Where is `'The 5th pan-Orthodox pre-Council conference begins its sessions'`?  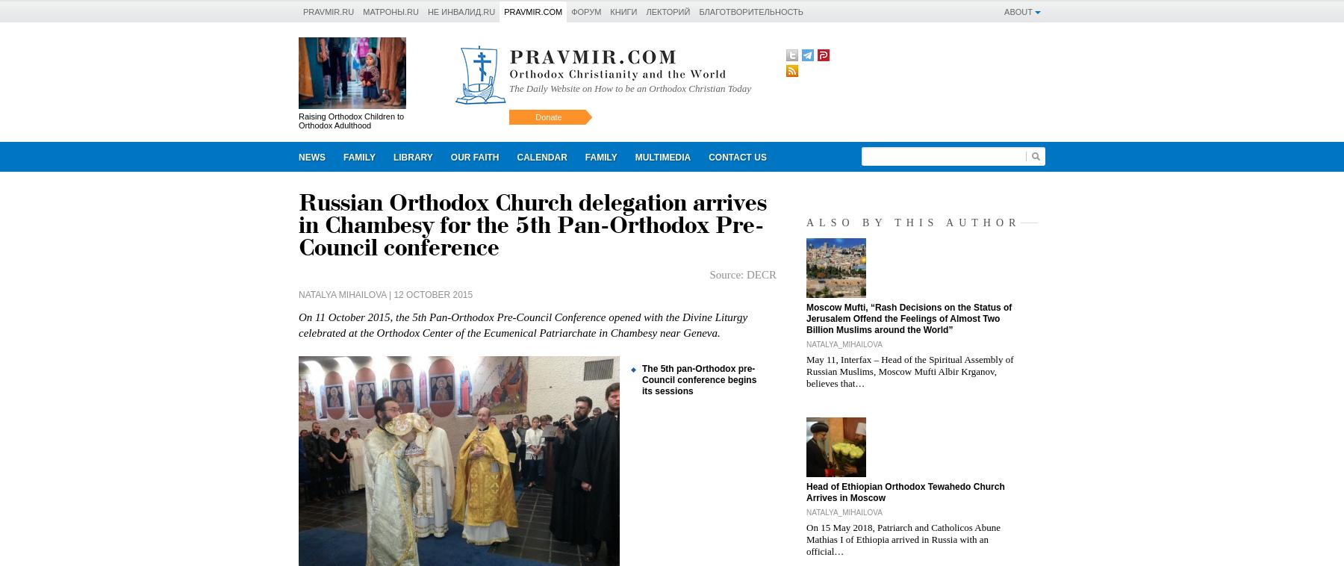 'The 5th pan-Orthodox pre-Council conference begins its sessions' is located at coordinates (698, 379).